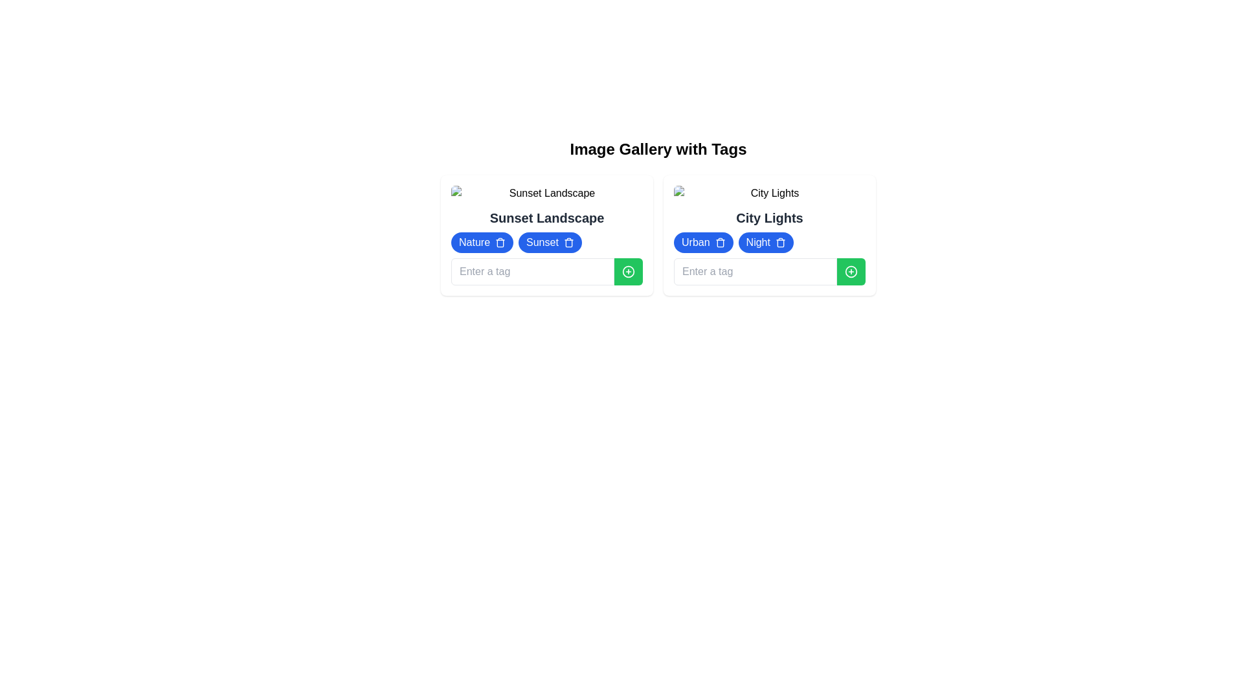 The width and height of the screenshot is (1243, 699). Describe the element at coordinates (770, 235) in the screenshot. I see `the blue pill-shaped button labeled 'Night' with a trash icon next to it, located under the 'City Lights' category` at that location.